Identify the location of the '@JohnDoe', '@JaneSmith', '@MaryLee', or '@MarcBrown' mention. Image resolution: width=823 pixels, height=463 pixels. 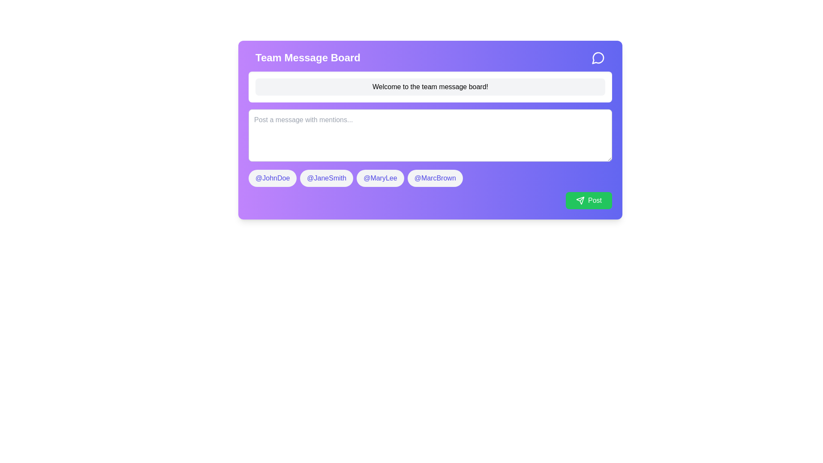
(430, 178).